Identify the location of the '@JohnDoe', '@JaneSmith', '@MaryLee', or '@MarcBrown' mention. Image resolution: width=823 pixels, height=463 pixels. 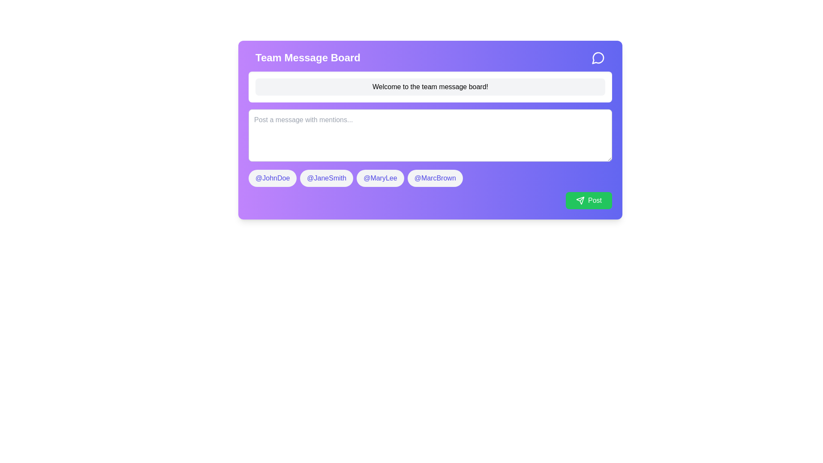
(430, 178).